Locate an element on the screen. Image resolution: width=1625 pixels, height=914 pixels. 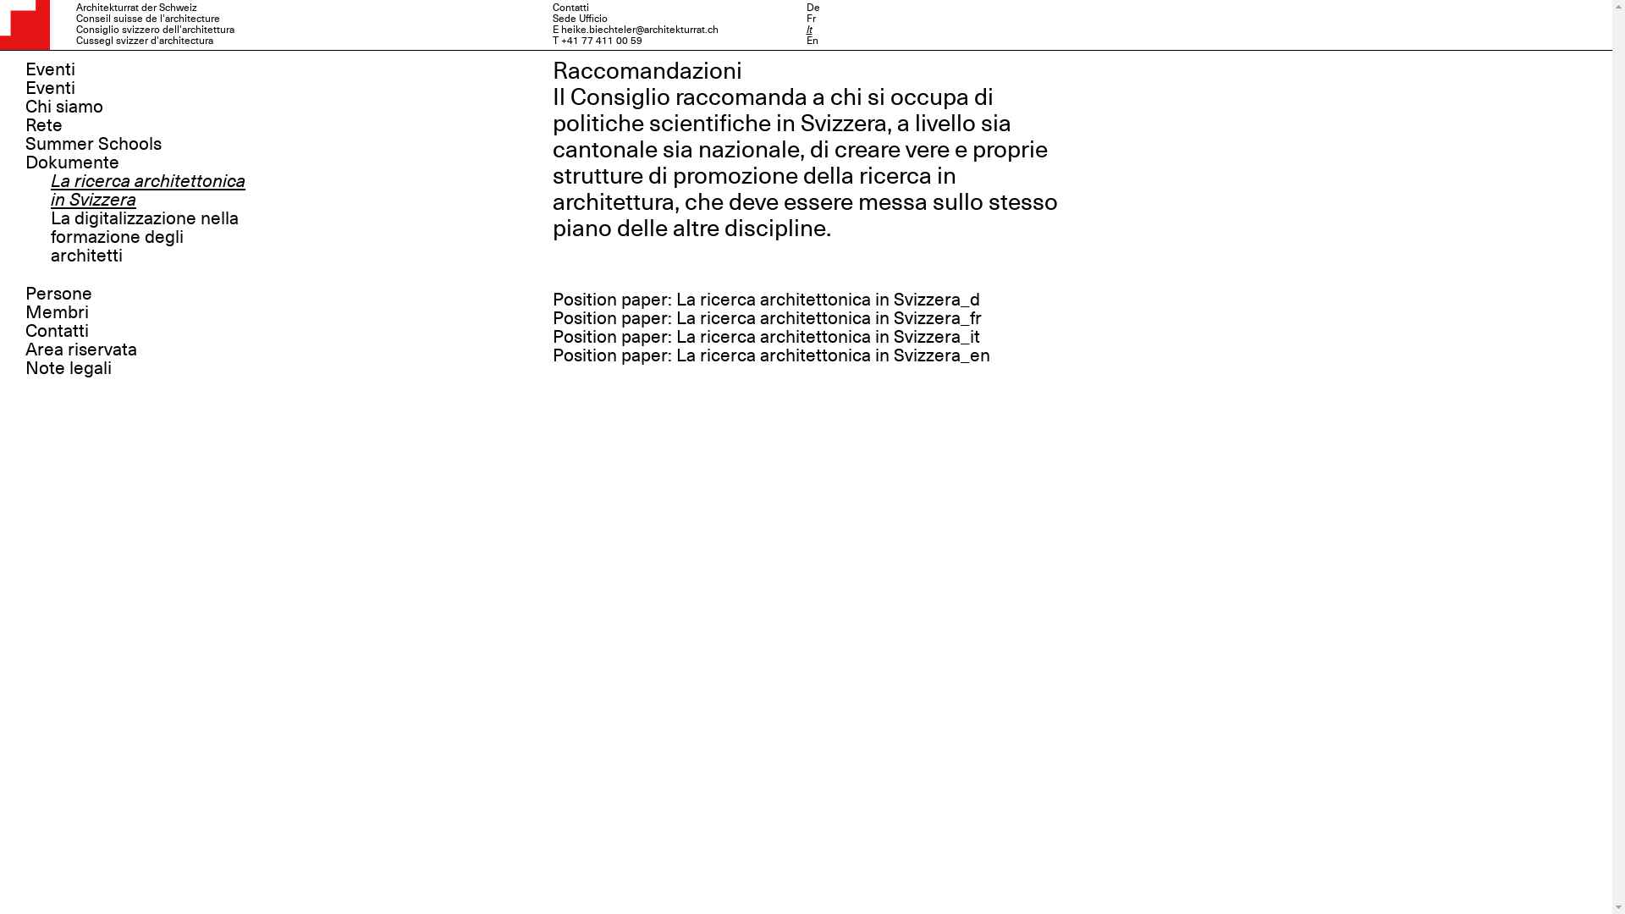
'La ricerca architettonica in Svizzera' is located at coordinates (50, 190).